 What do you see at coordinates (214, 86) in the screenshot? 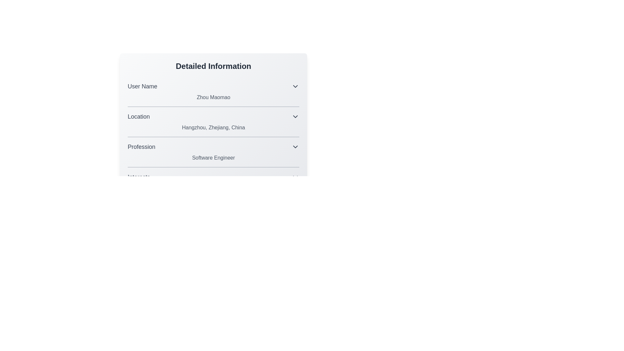
I see `the 'User Name' dropdown menu element, which is the first selectable option in the 'Detailed Information' section, to activate its styling` at bounding box center [214, 86].